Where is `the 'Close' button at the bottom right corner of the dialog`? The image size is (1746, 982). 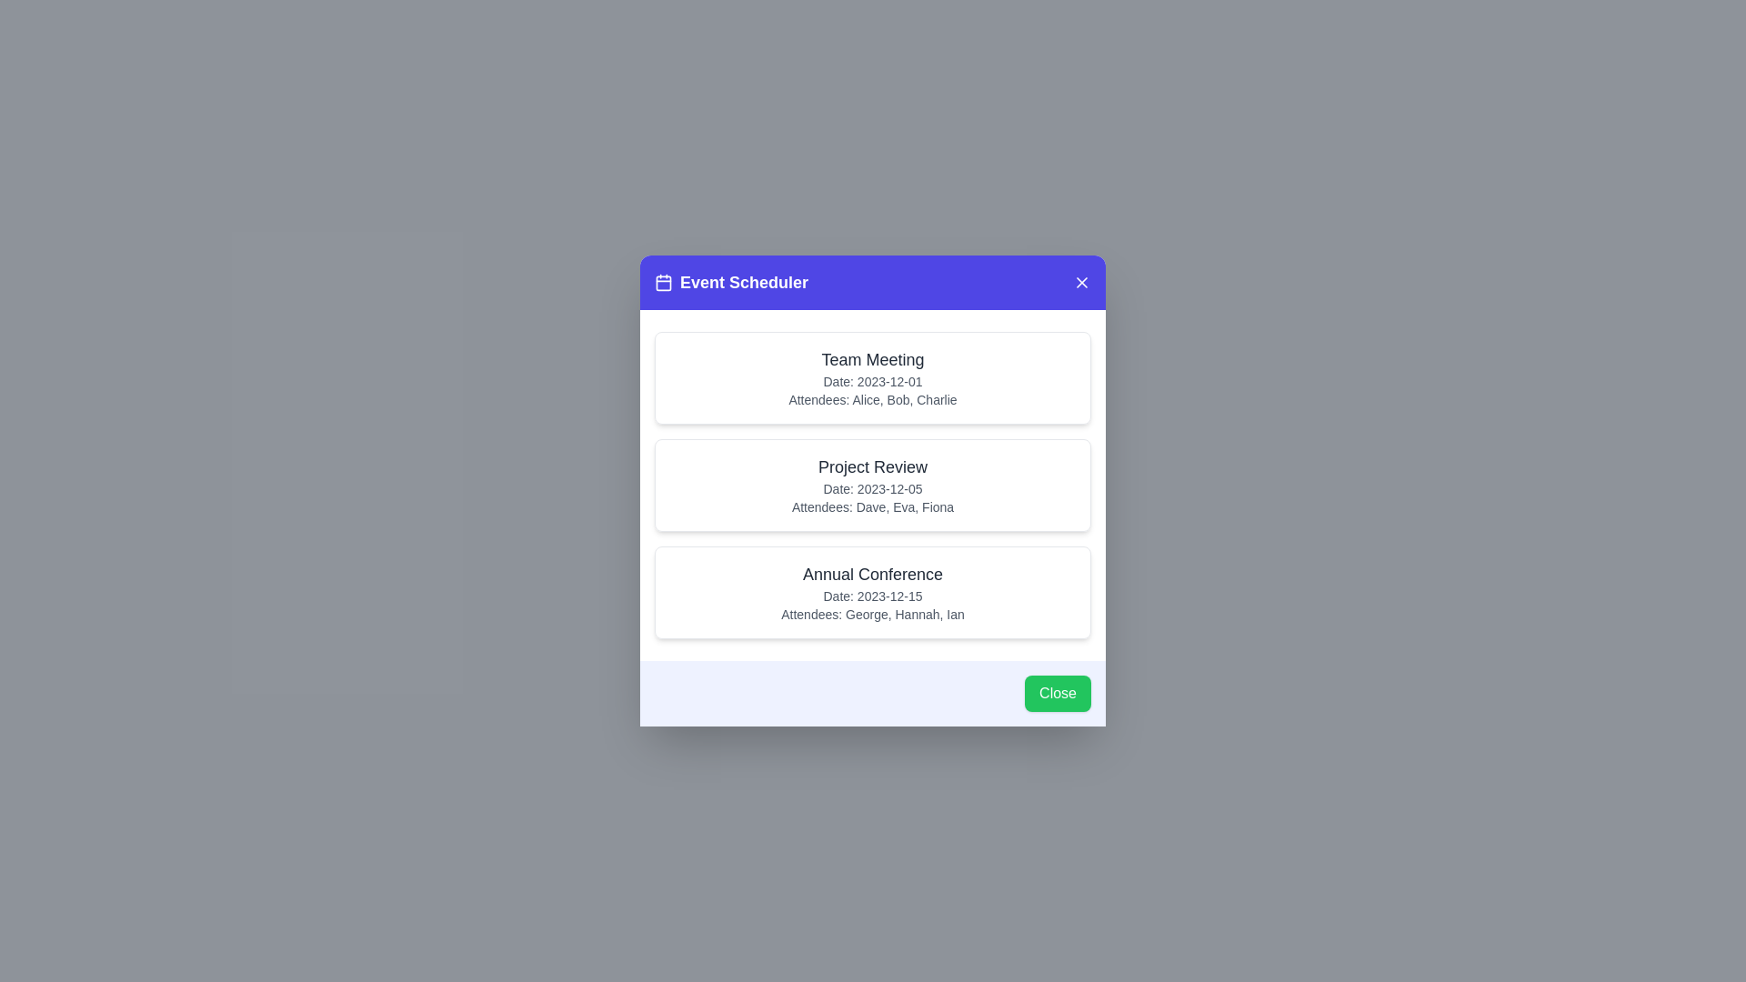
the 'Close' button at the bottom right corner of the dialog is located at coordinates (1058, 694).